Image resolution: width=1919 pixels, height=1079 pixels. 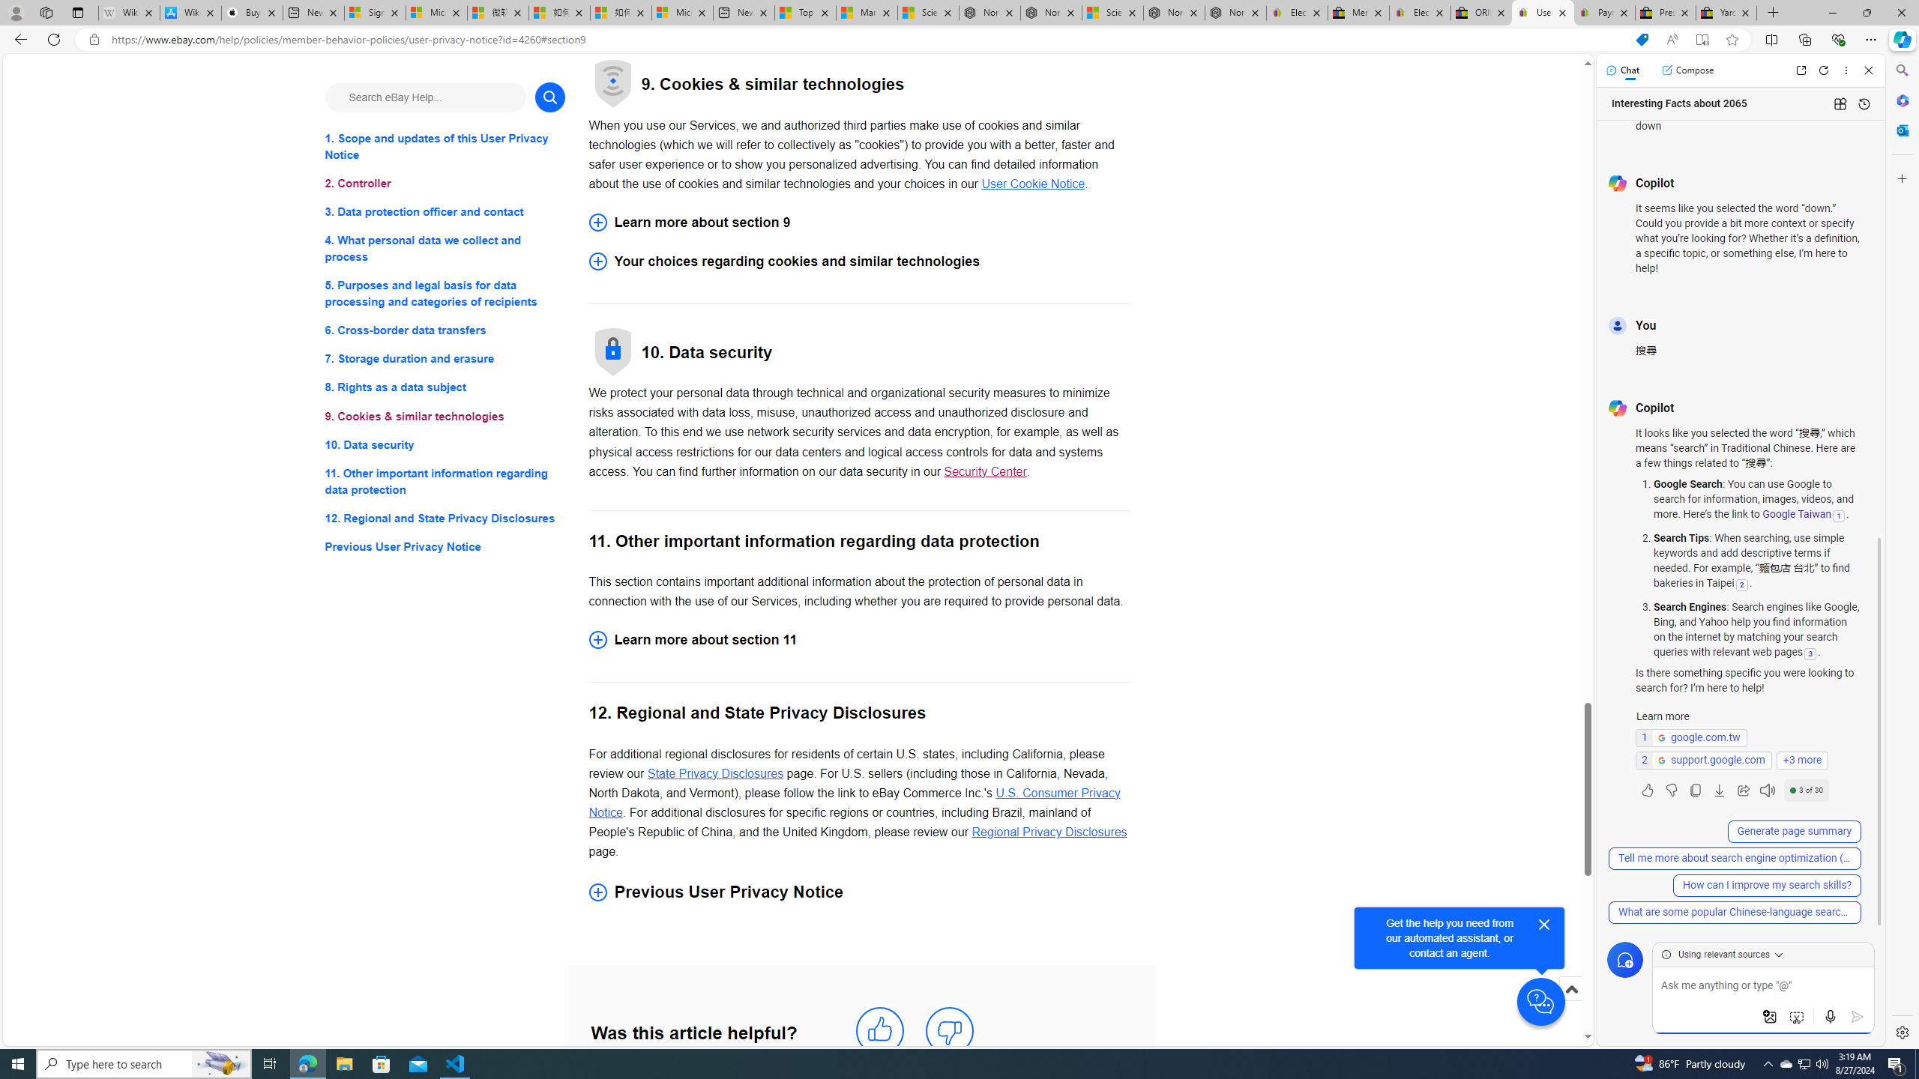 I want to click on '12. Regional and State Privacy Disclosures', so click(x=444, y=517).